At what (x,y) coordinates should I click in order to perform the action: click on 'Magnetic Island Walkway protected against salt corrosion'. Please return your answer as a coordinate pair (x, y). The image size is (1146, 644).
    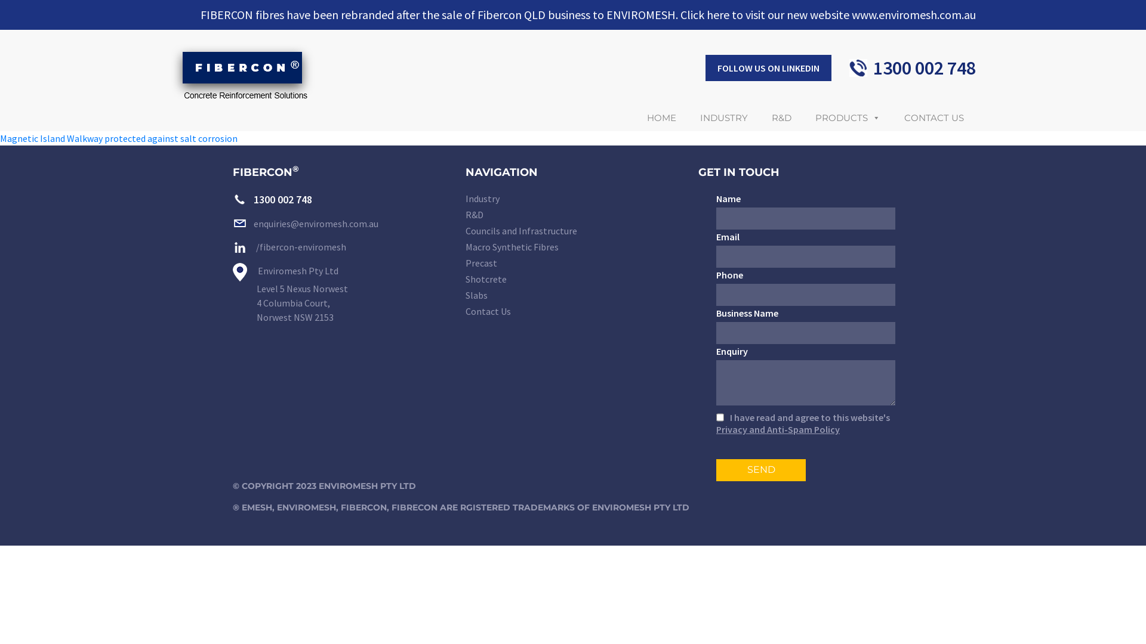
    Looking at the image, I should click on (118, 137).